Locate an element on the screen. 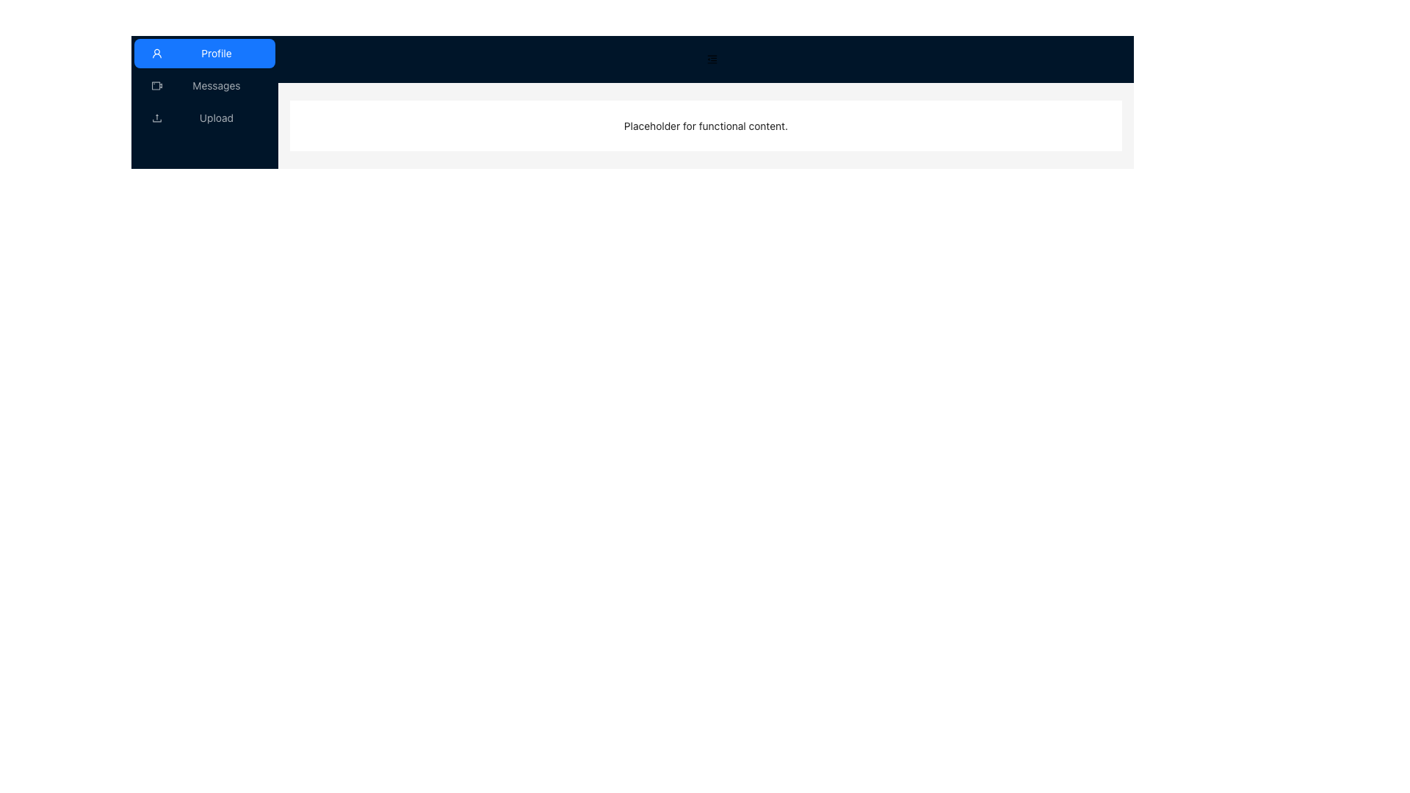 The height and width of the screenshot is (793, 1410). the 'Messages' icon located in the vertical navigation bar on the left side of the interface, positioned below the 'Profile' button and above the 'Upload' button is located at coordinates (157, 85).